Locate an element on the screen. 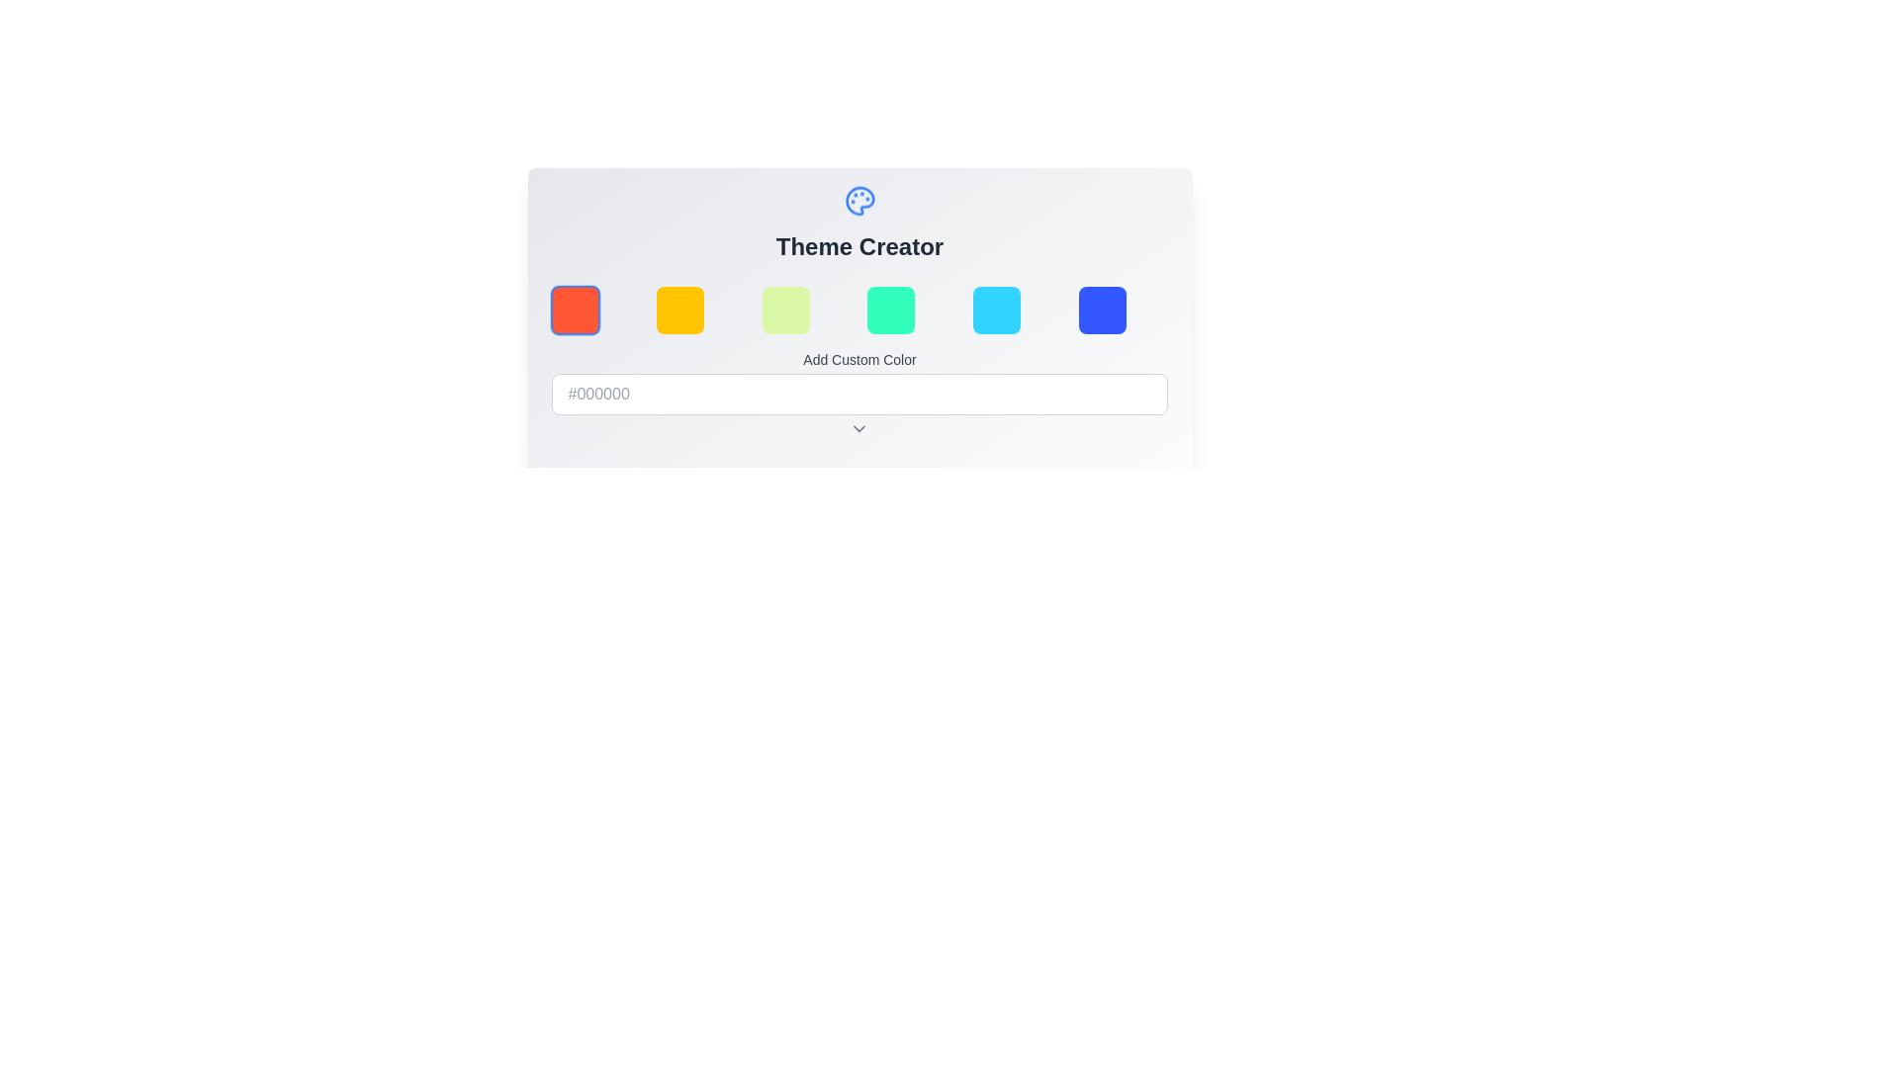 The height and width of the screenshot is (1068, 1899). the bright red color option block with rounded corners, which is the first in a row of six color blocks is located at coordinates (574, 310).